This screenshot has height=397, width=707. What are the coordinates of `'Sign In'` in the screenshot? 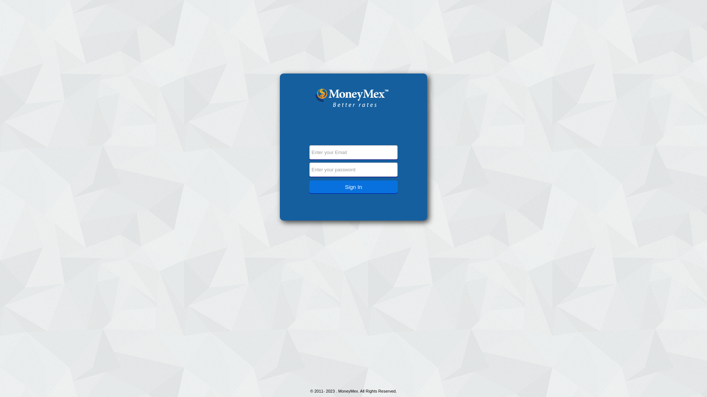 It's located at (353, 186).